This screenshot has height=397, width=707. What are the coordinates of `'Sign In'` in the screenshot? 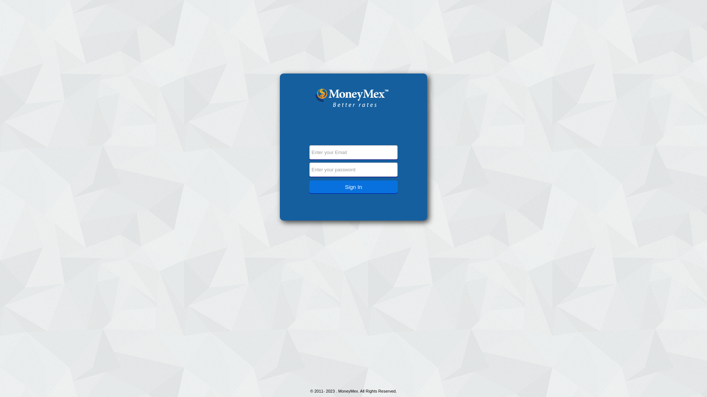 It's located at (353, 186).